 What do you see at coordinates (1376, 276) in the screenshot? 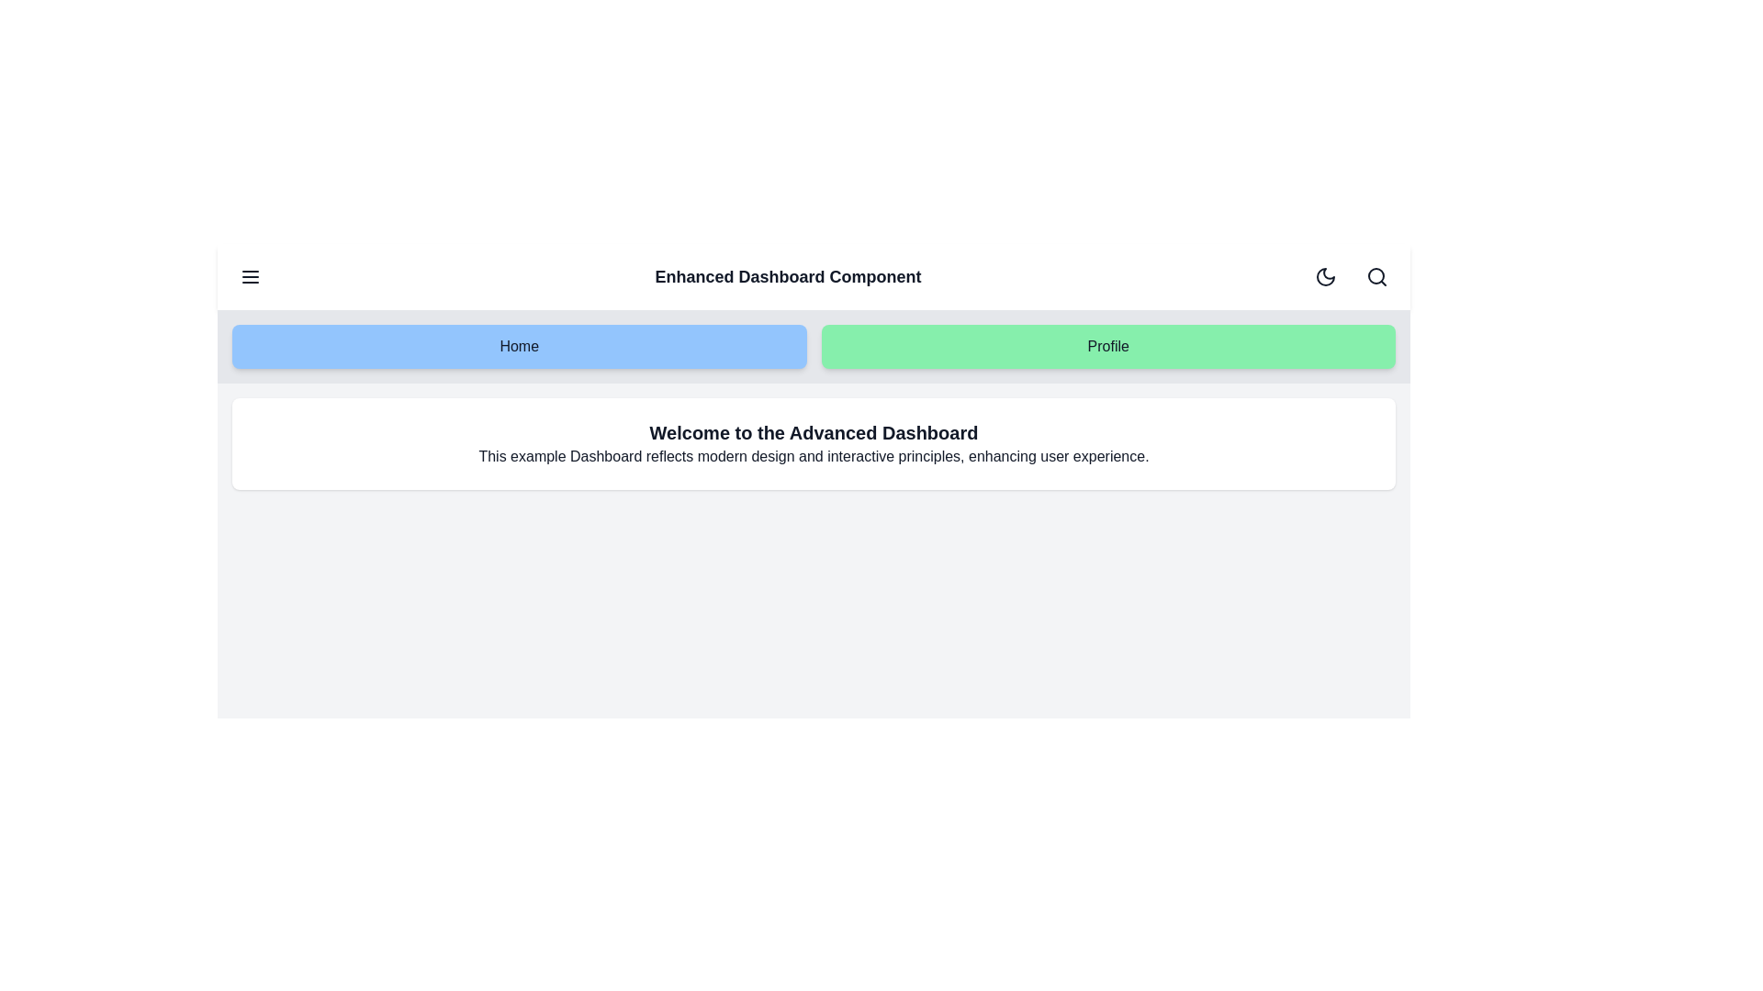
I see `the search button to initiate a search action` at bounding box center [1376, 276].